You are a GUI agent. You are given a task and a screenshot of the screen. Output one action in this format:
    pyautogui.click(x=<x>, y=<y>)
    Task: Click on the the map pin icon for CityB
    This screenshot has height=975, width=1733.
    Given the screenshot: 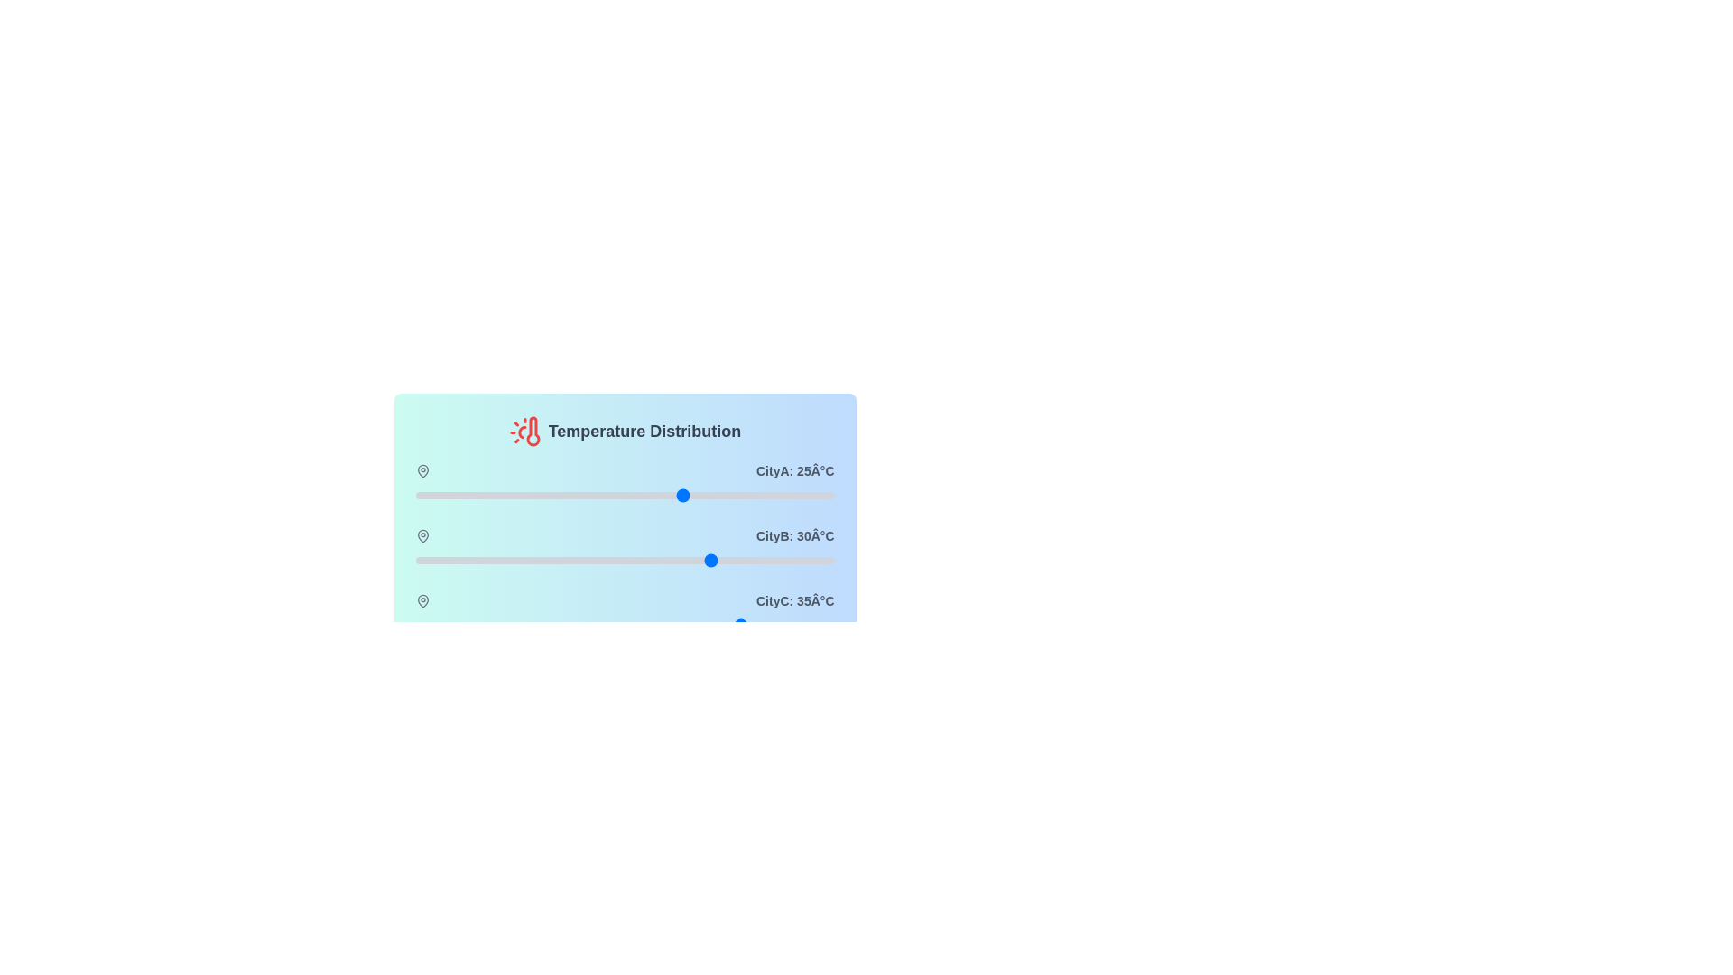 What is the action you would take?
    pyautogui.click(x=422, y=535)
    